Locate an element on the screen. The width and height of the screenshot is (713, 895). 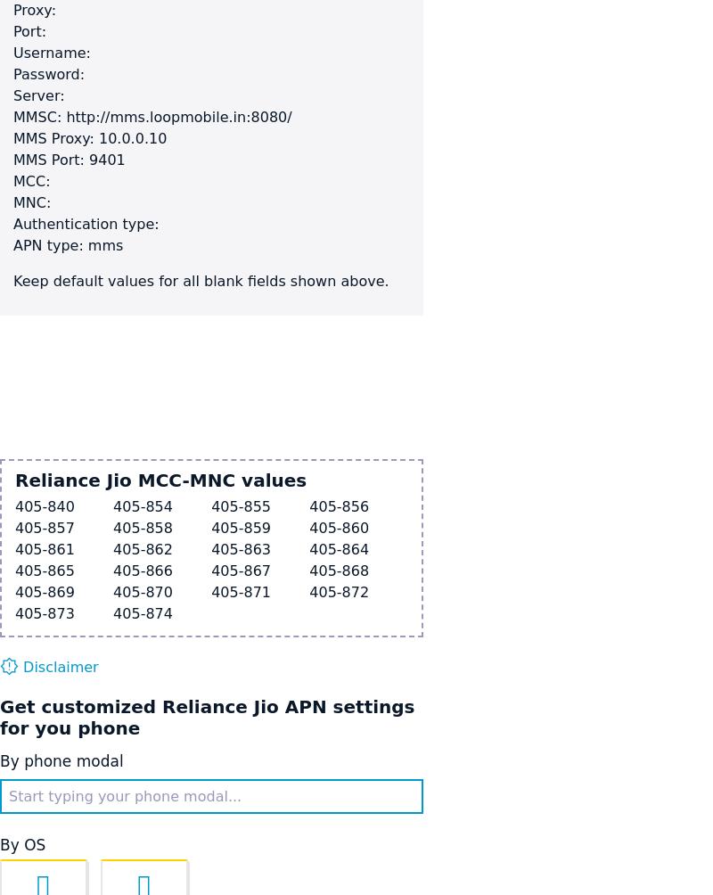
'Keep default values for all blank fields shown above.' is located at coordinates (201, 281).